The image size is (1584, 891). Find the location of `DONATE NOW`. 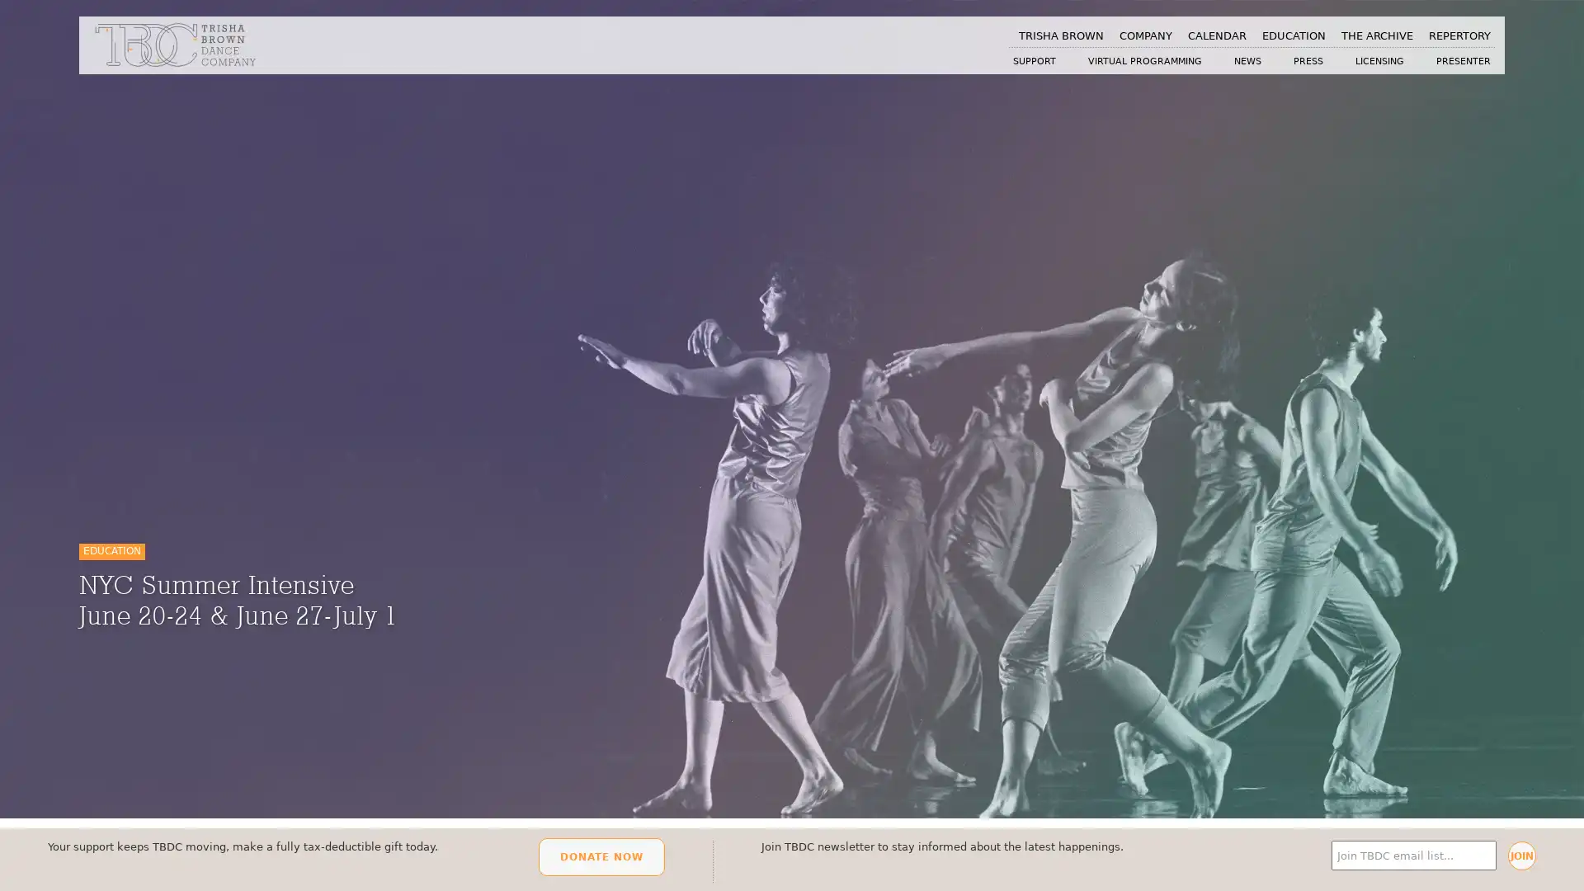

DONATE NOW is located at coordinates (601, 855).